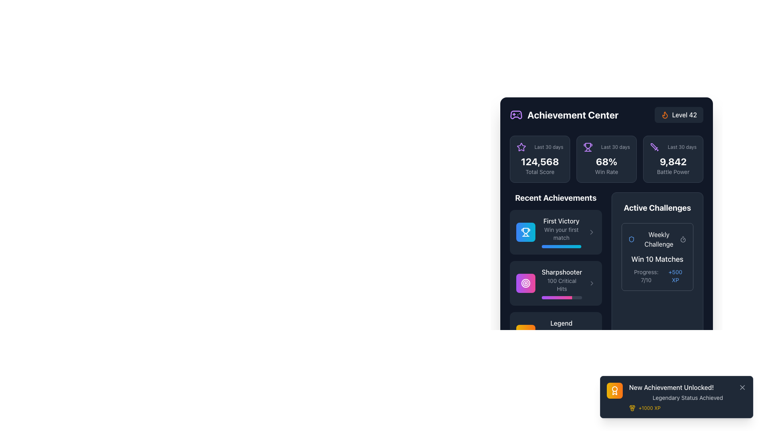 This screenshot has width=766, height=431. What do you see at coordinates (555, 232) in the screenshot?
I see `the 'First Victory' achievement text display with a trophy icon in the 'Recent Achievements' section` at bounding box center [555, 232].